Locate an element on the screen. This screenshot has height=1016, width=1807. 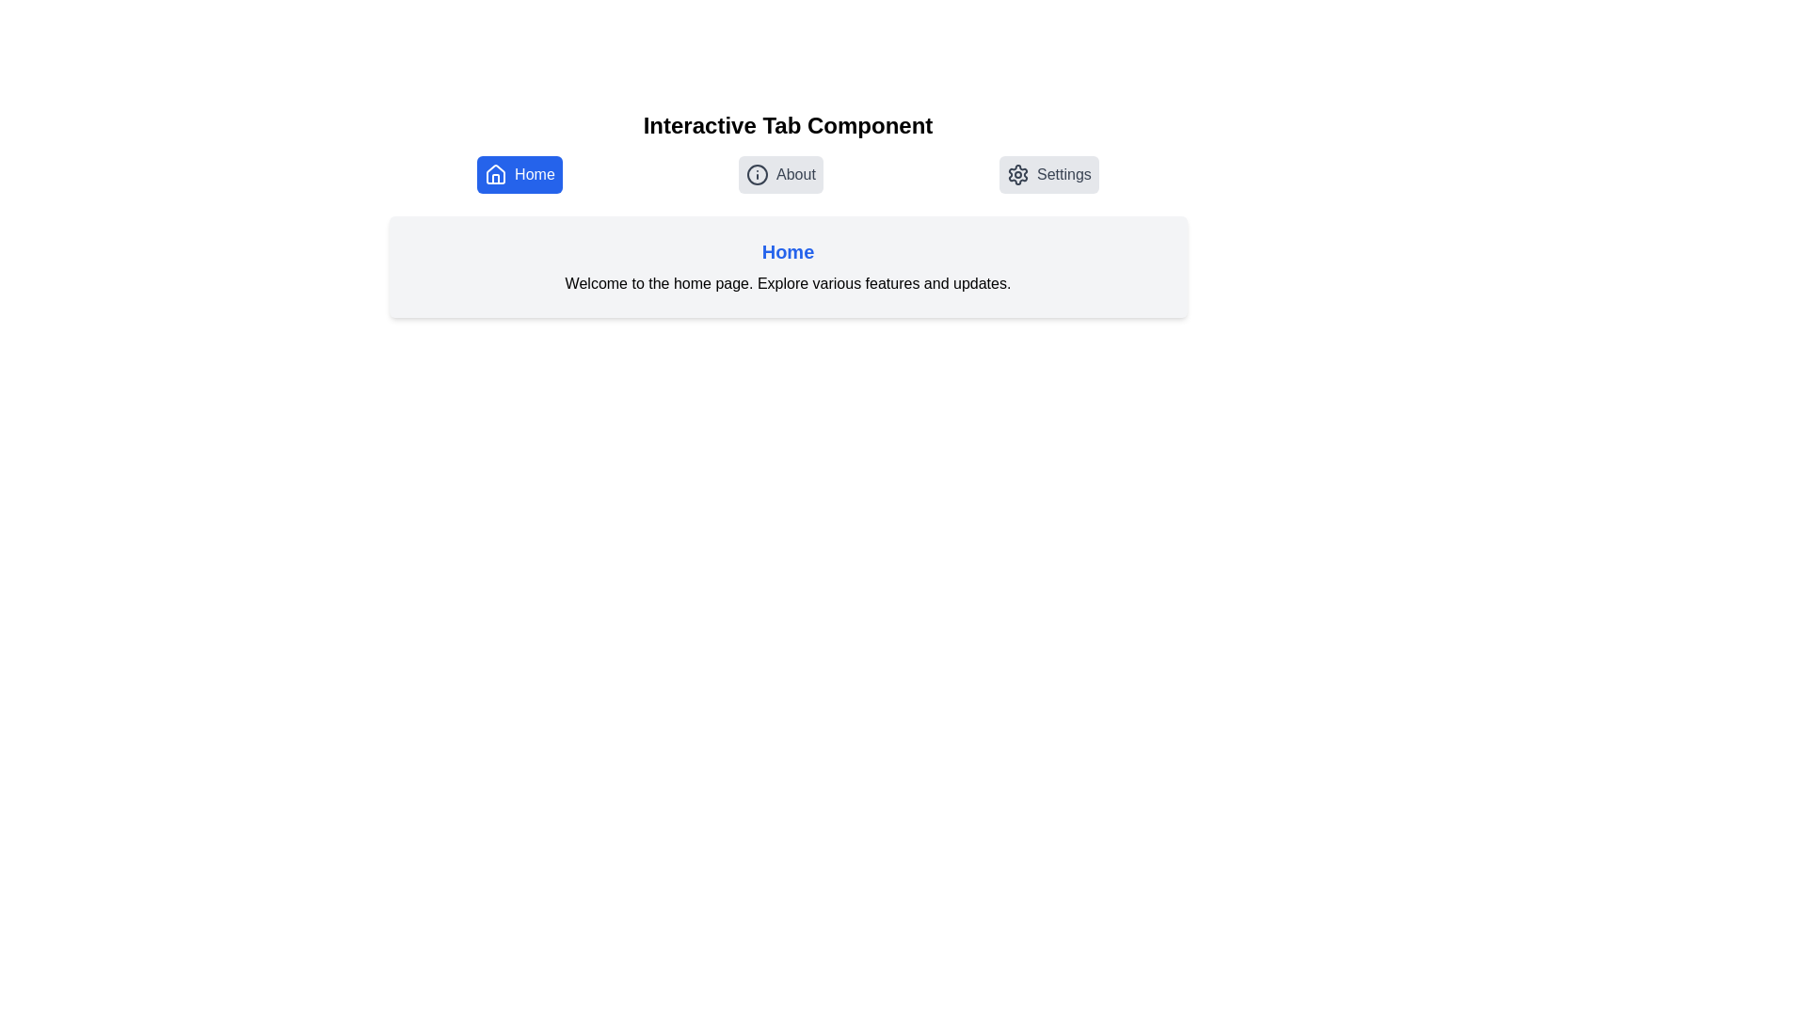
the tab icon labeled About to explore its content is located at coordinates (780, 174).